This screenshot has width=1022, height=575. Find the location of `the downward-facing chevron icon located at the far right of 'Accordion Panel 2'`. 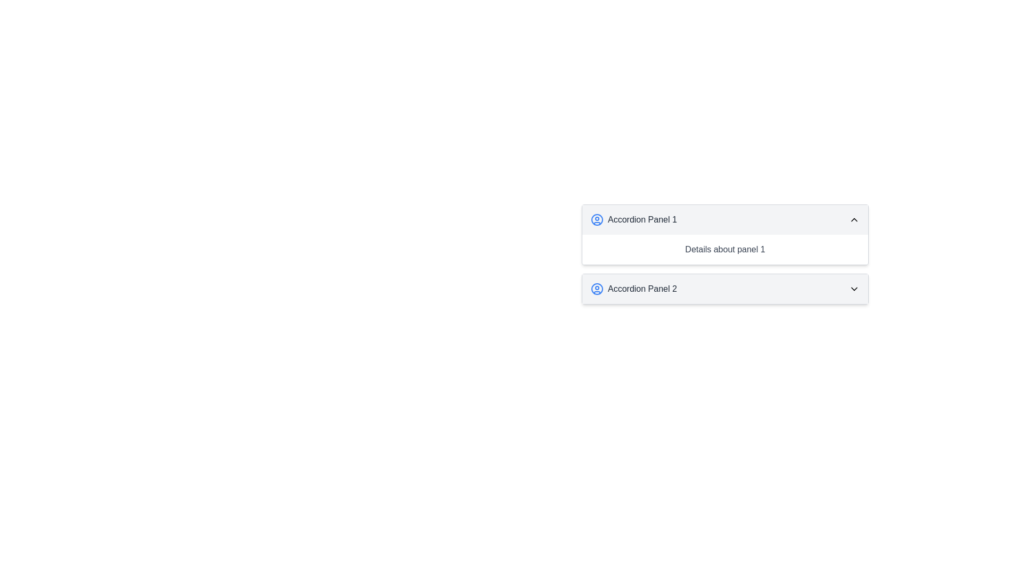

the downward-facing chevron icon located at the far right of 'Accordion Panel 2' is located at coordinates (854, 289).